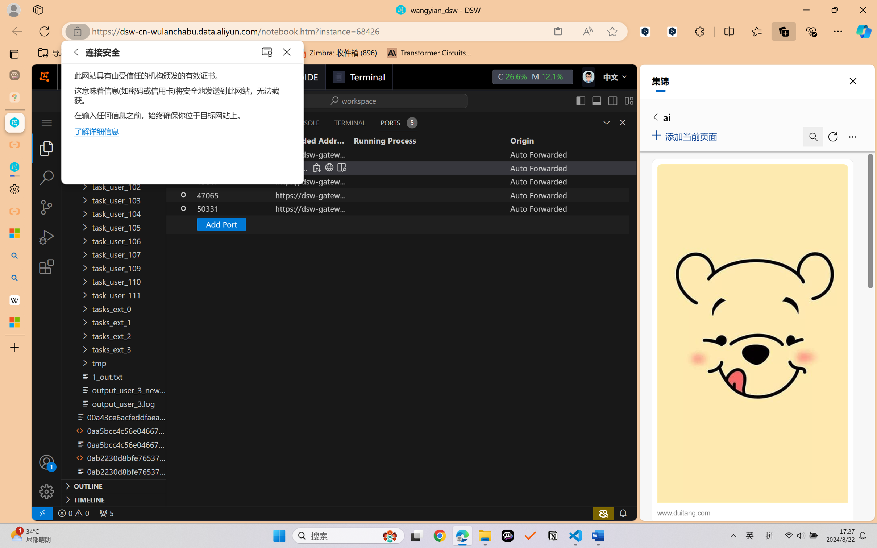  Describe the element at coordinates (14, 233) in the screenshot. I see `'Microsoft security help and learning'` at that location.